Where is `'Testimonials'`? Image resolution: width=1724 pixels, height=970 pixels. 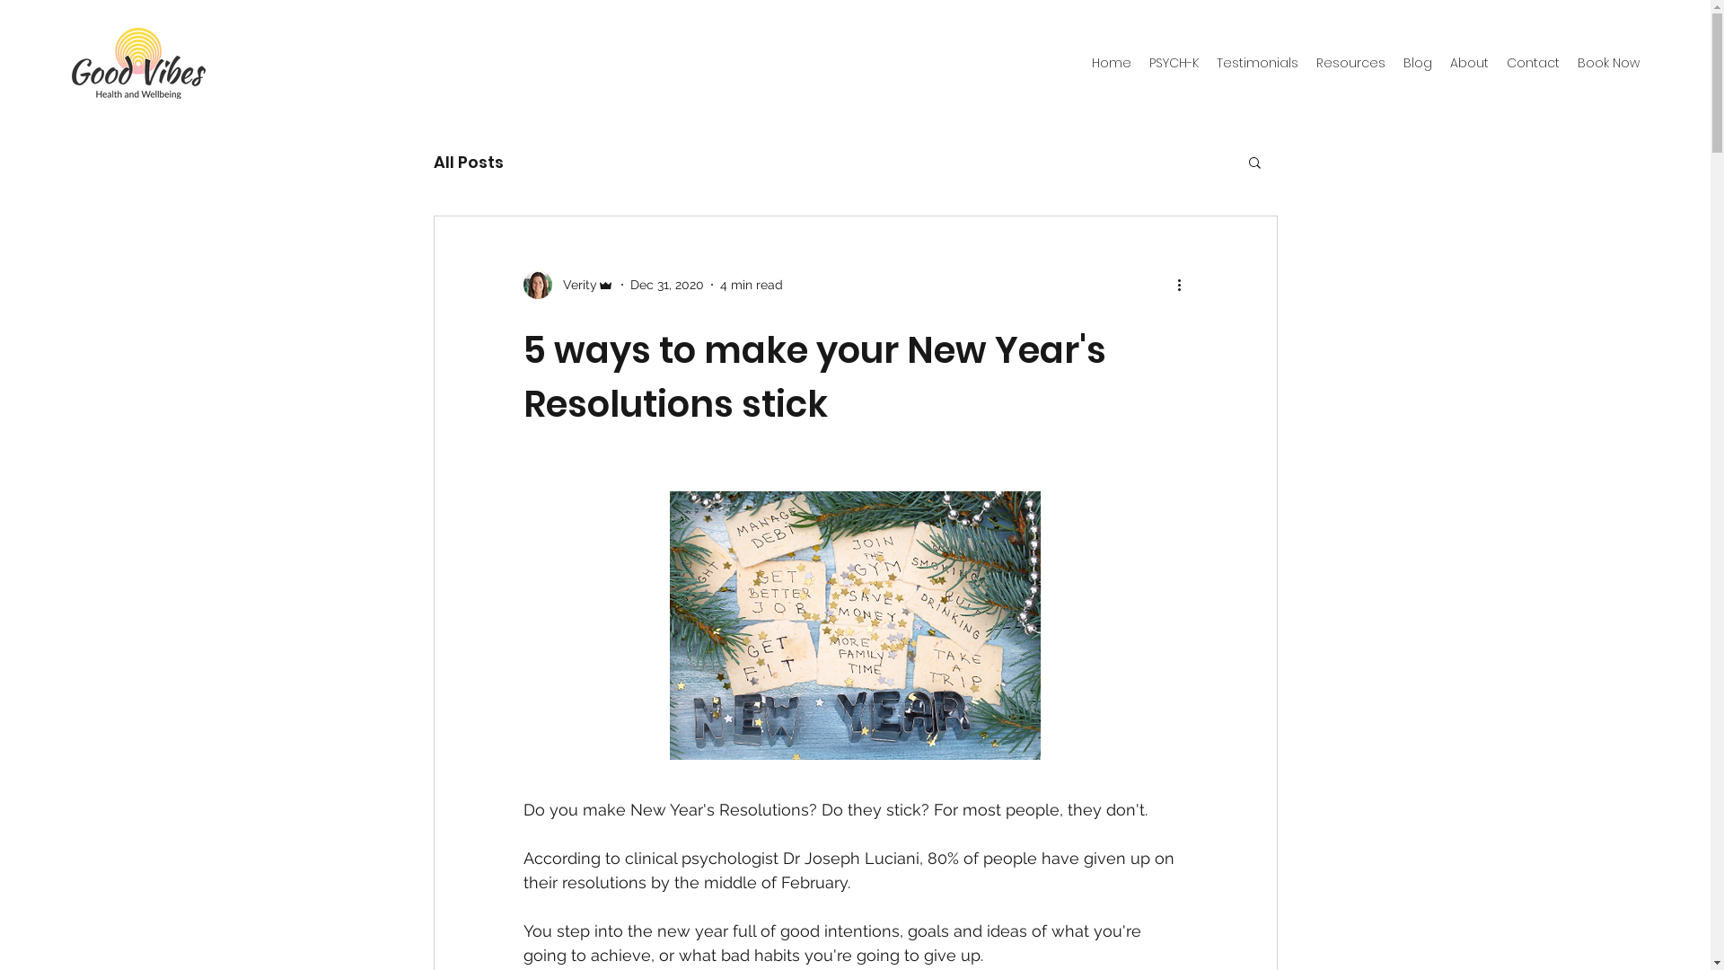 'Testimonials' is located at coordinates (1256, 62).